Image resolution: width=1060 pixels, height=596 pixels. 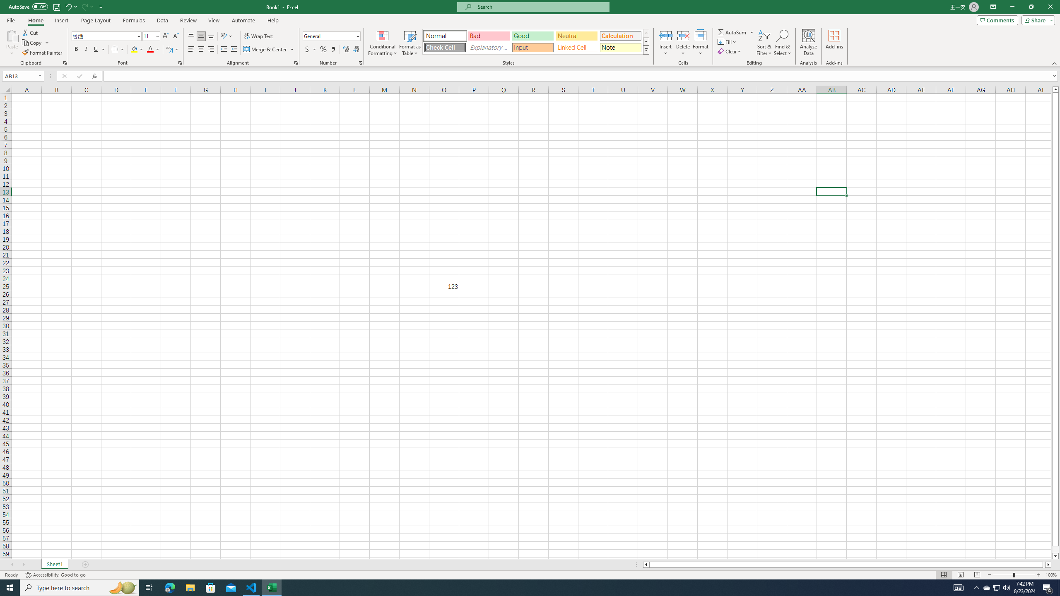 What do you see at coordinates (356, 49) in the screenshot?
I see `'Decrease Decimal'` at bounding box center [356, 49].